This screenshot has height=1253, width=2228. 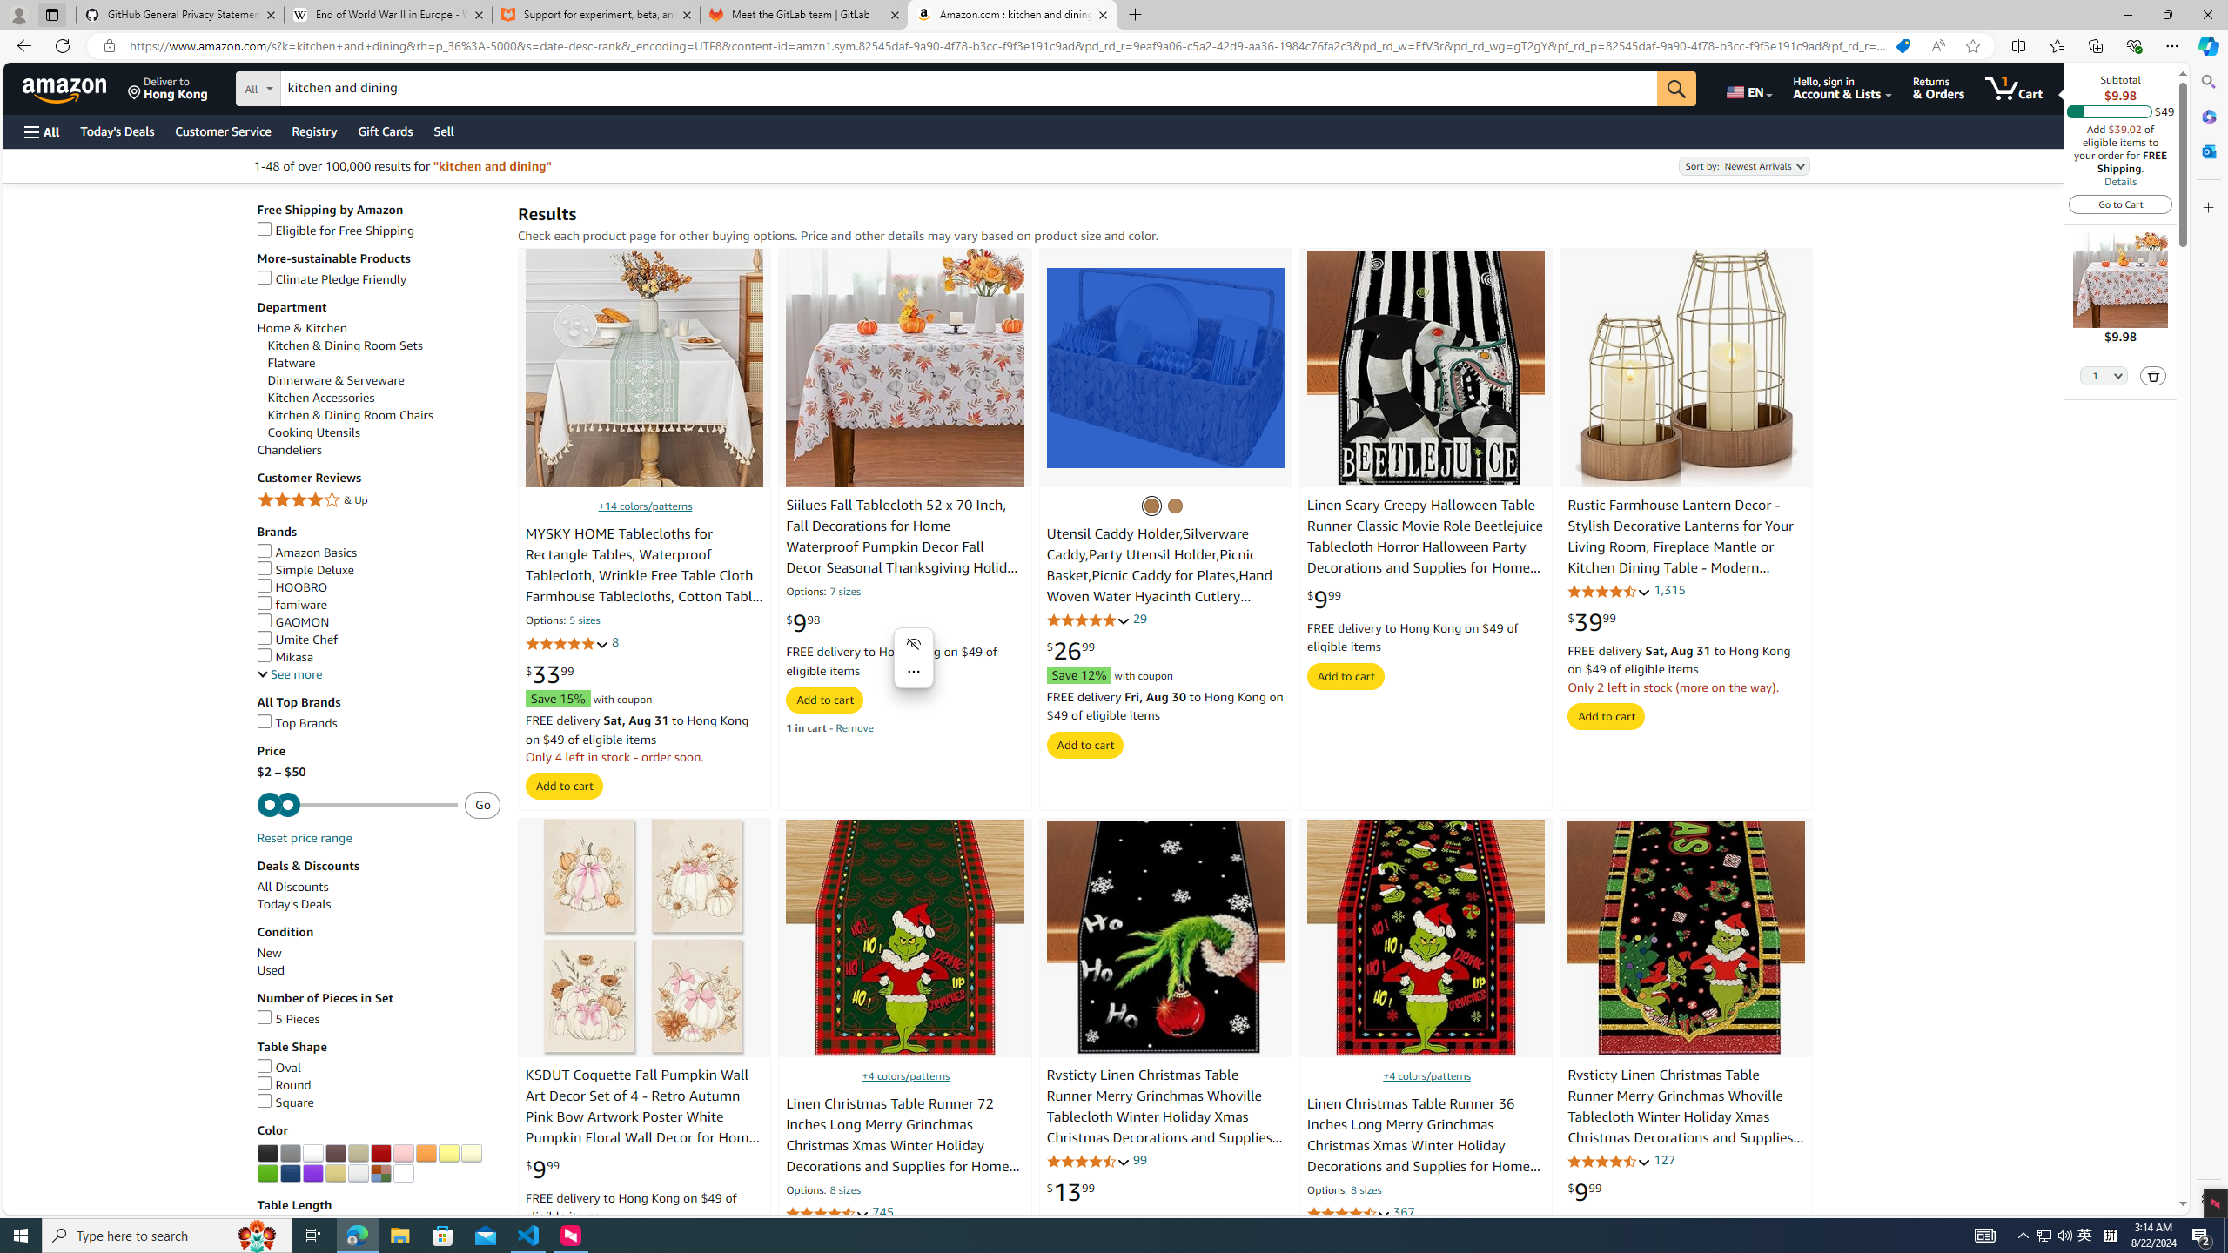 I want to click on 'Natural', so click(x=1174, y=506).